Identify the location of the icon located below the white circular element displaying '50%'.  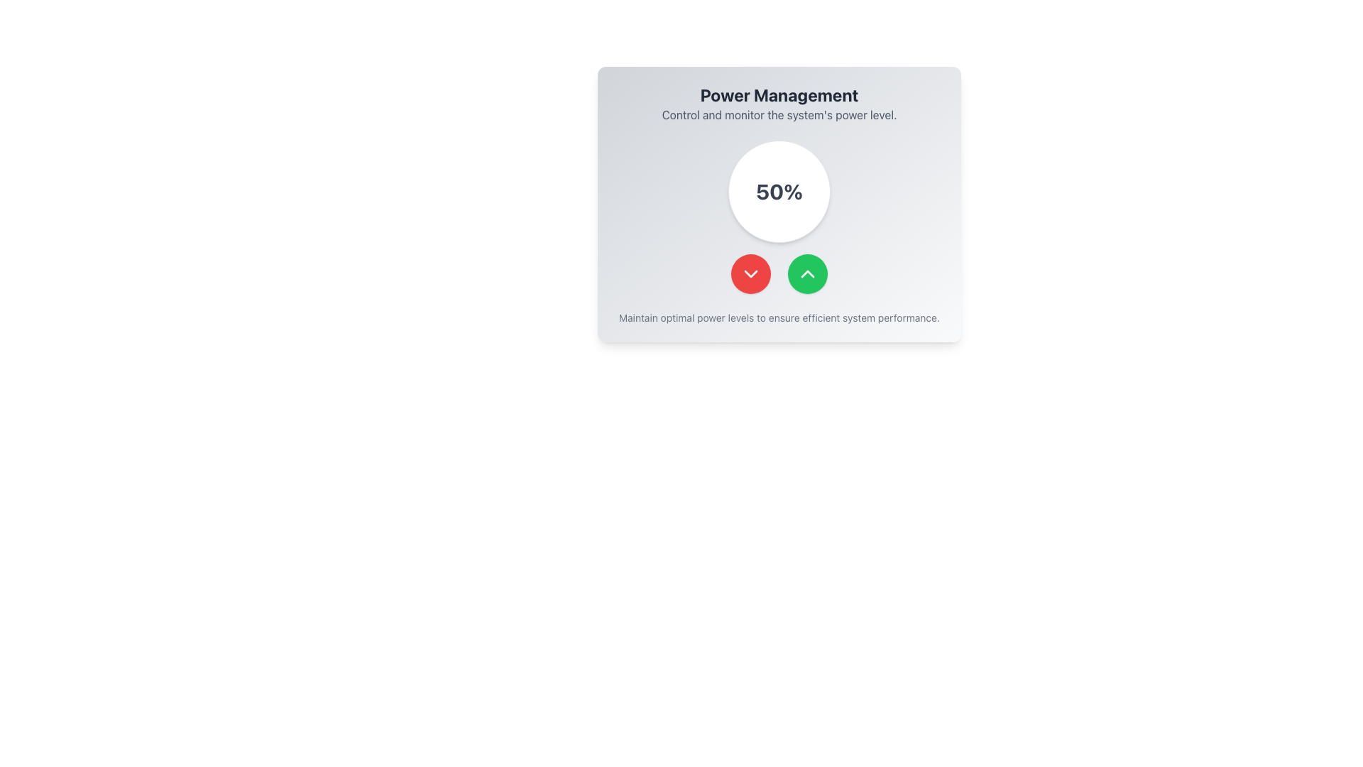
(750, 273).